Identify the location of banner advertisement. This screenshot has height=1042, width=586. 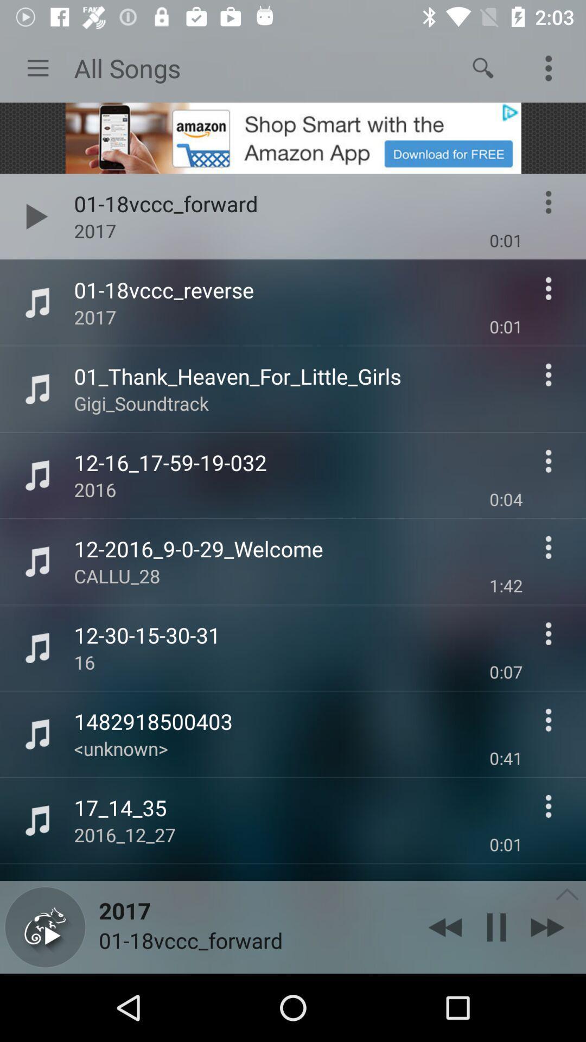
(293, 137).